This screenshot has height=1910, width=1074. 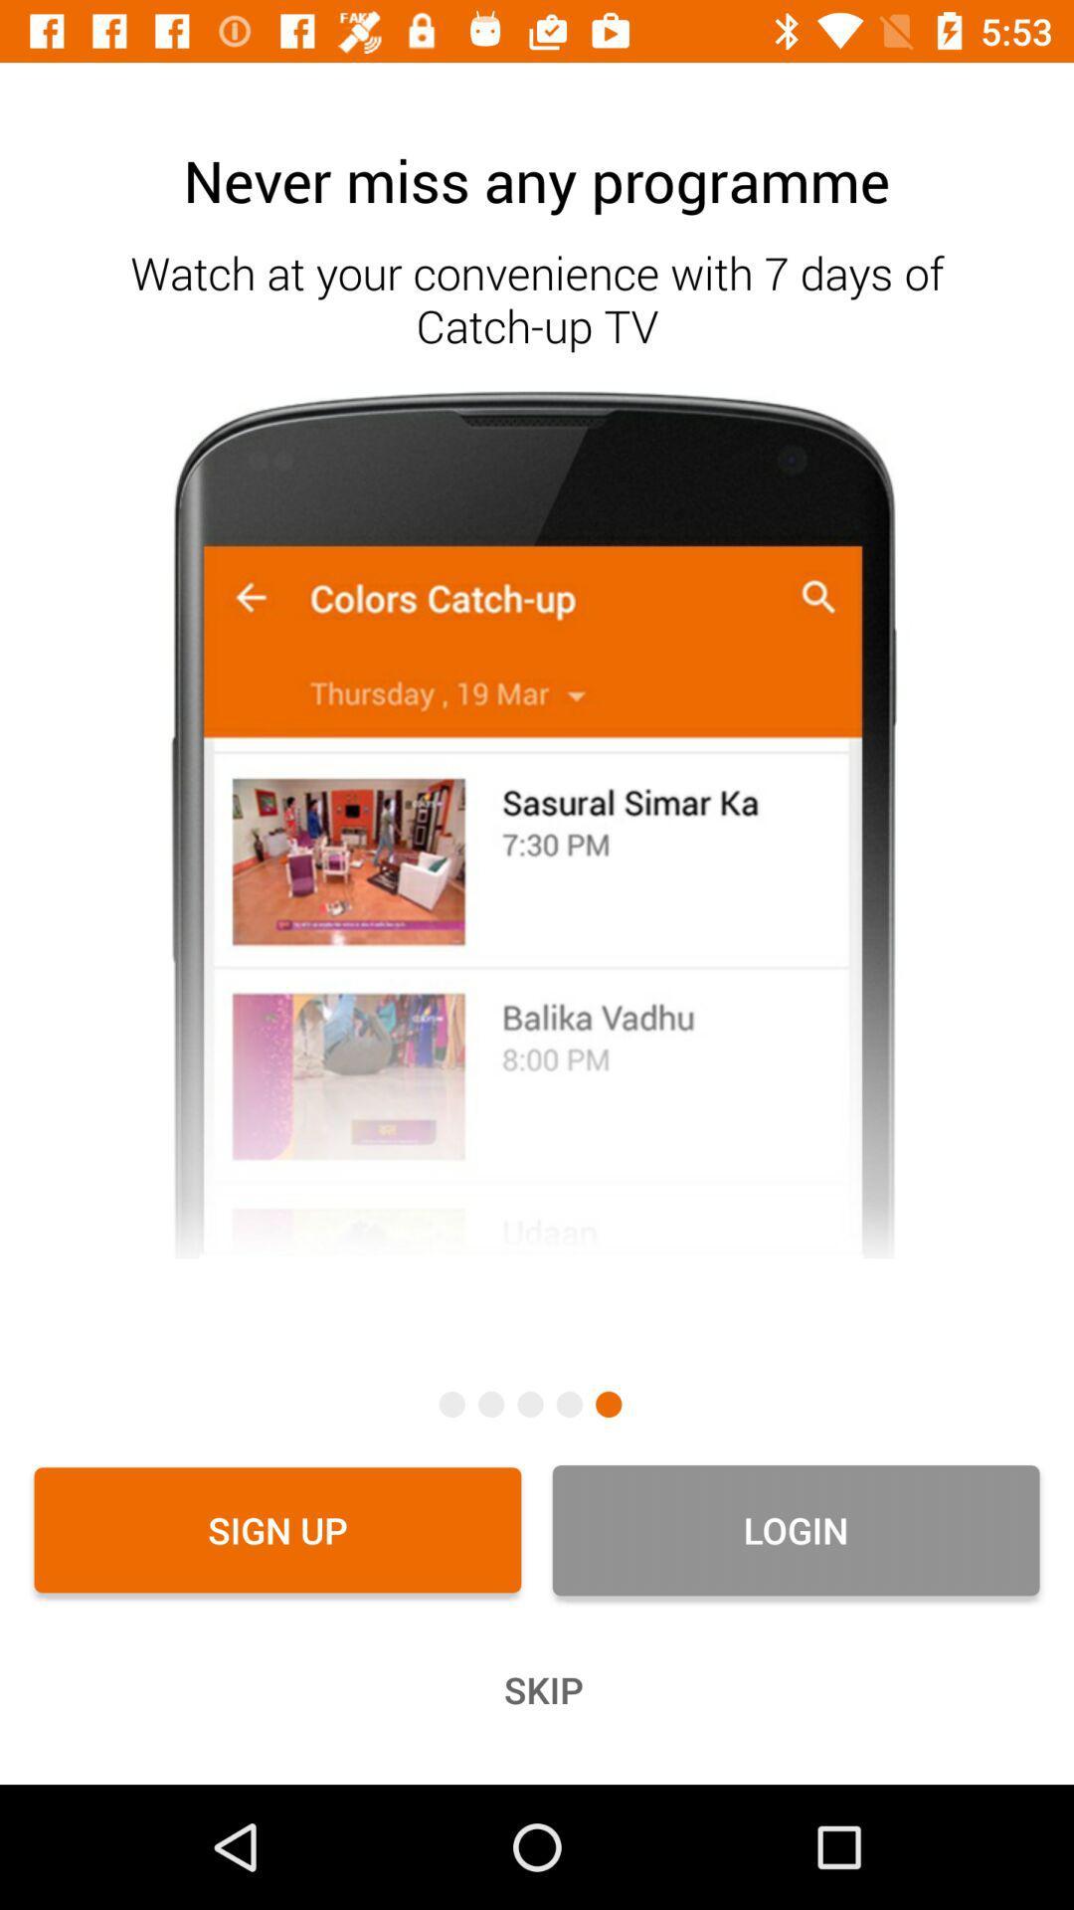 I want to click on icon to the right of the sign up icon, so click(x=795, y=1529).